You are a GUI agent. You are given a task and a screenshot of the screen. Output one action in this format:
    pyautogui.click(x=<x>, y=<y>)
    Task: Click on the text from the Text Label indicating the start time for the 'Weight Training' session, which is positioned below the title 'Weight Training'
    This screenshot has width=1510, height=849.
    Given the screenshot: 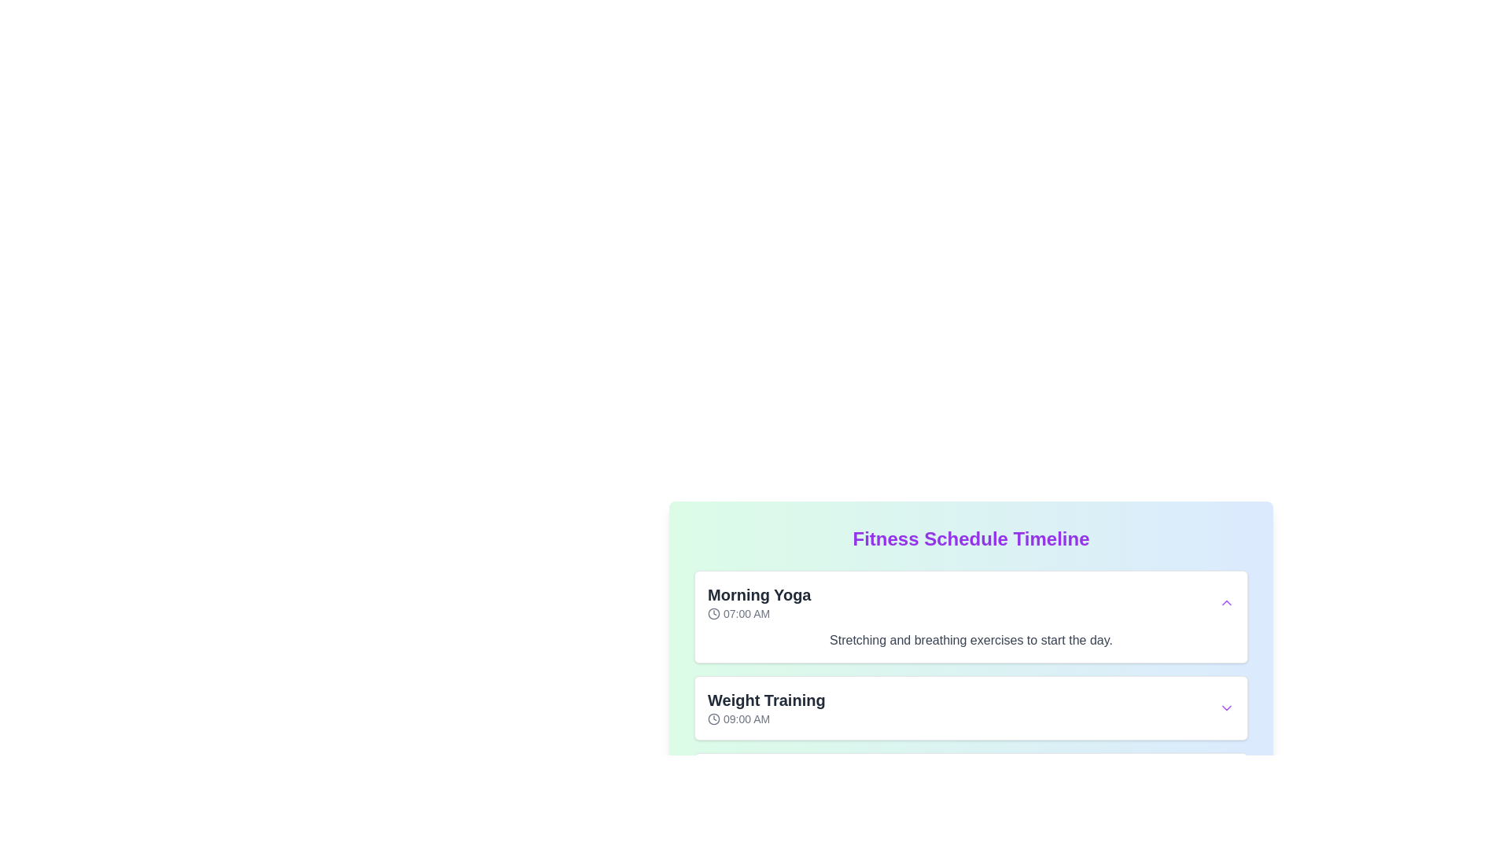 What is the action you would take?
    pyautogui.click(x=766, y=719)
    